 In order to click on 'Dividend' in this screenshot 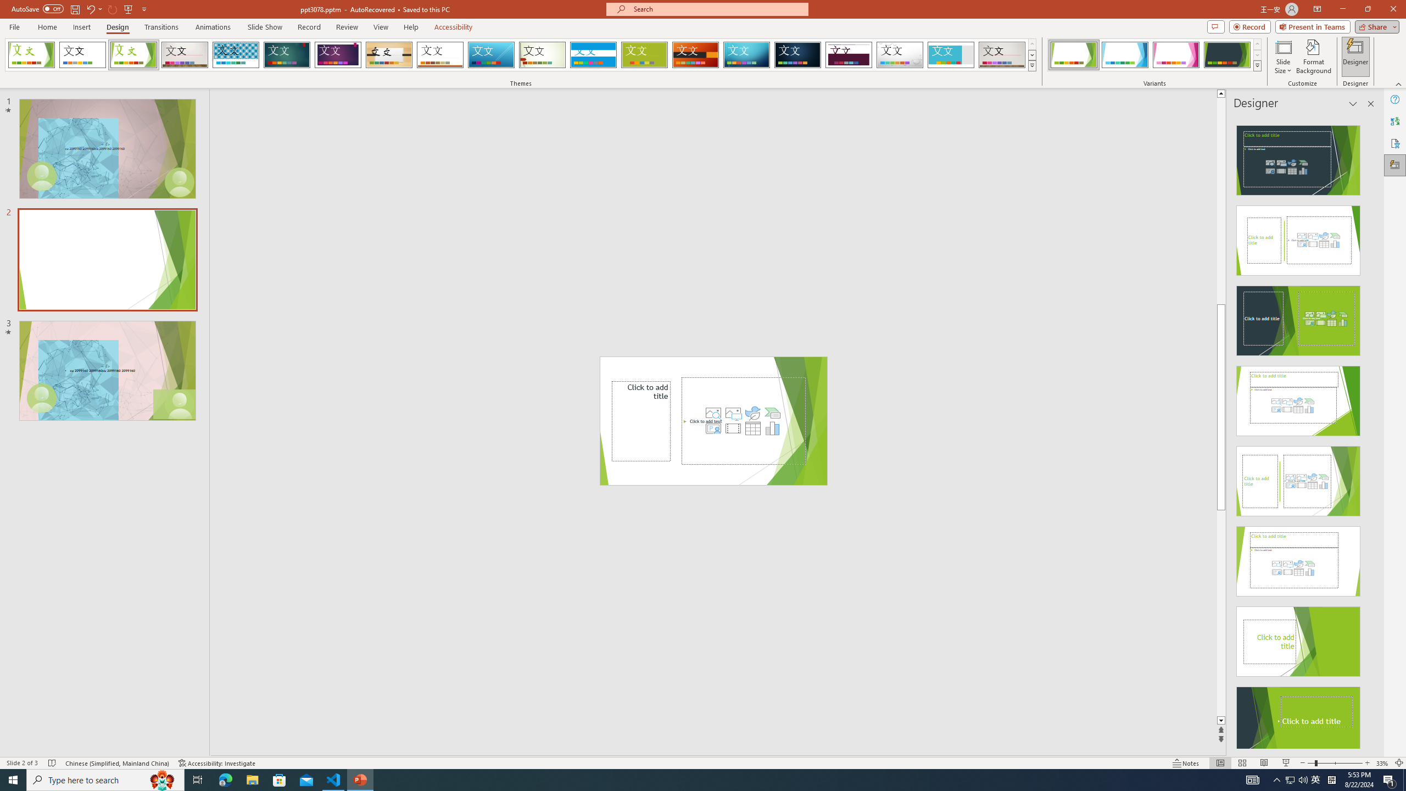, I will do `click(849, 54)`.